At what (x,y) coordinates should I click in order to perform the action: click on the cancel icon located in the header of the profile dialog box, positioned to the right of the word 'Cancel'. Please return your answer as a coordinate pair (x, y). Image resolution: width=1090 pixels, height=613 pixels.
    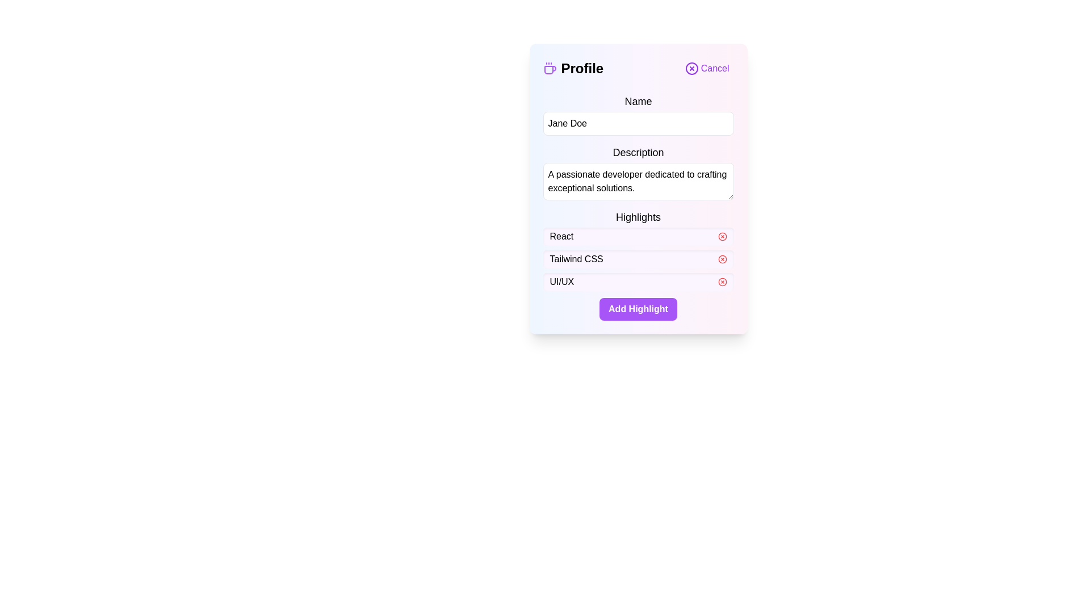
    Looking at the image, I should click on (691, 68).